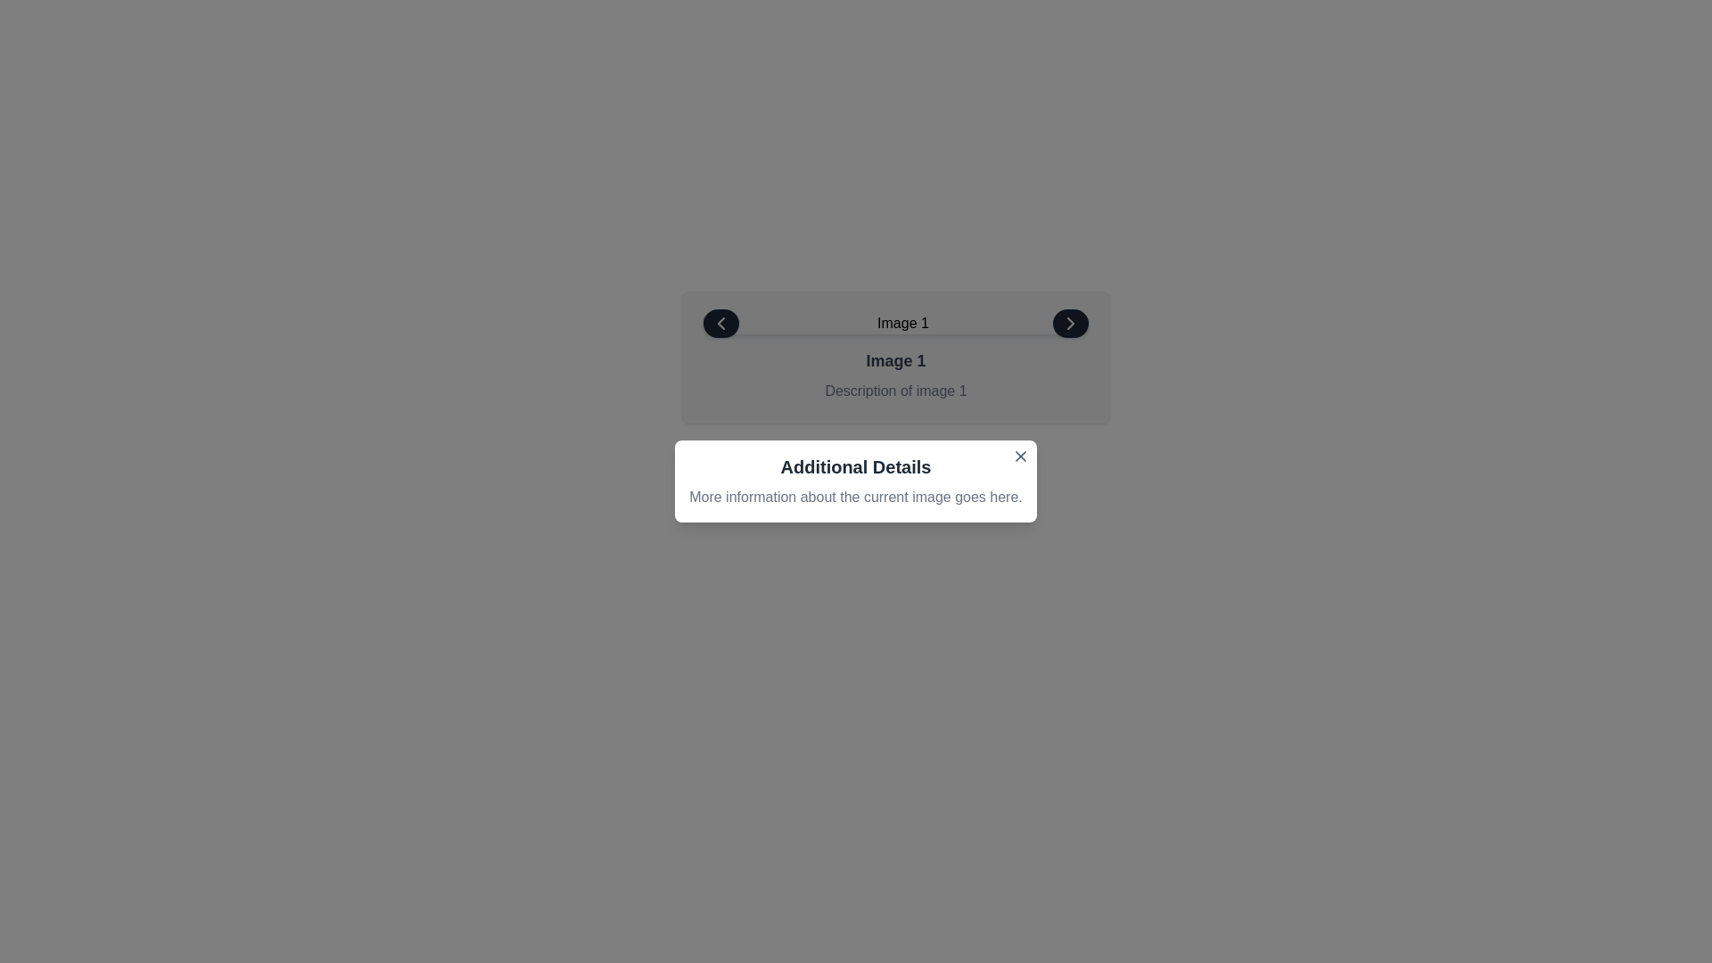  Describe the element at coordinates (721, 323) in the screenshot. I see `the left-pointing chevron SVG icon located within the circular button on the left side of the navigation bar` at that location.